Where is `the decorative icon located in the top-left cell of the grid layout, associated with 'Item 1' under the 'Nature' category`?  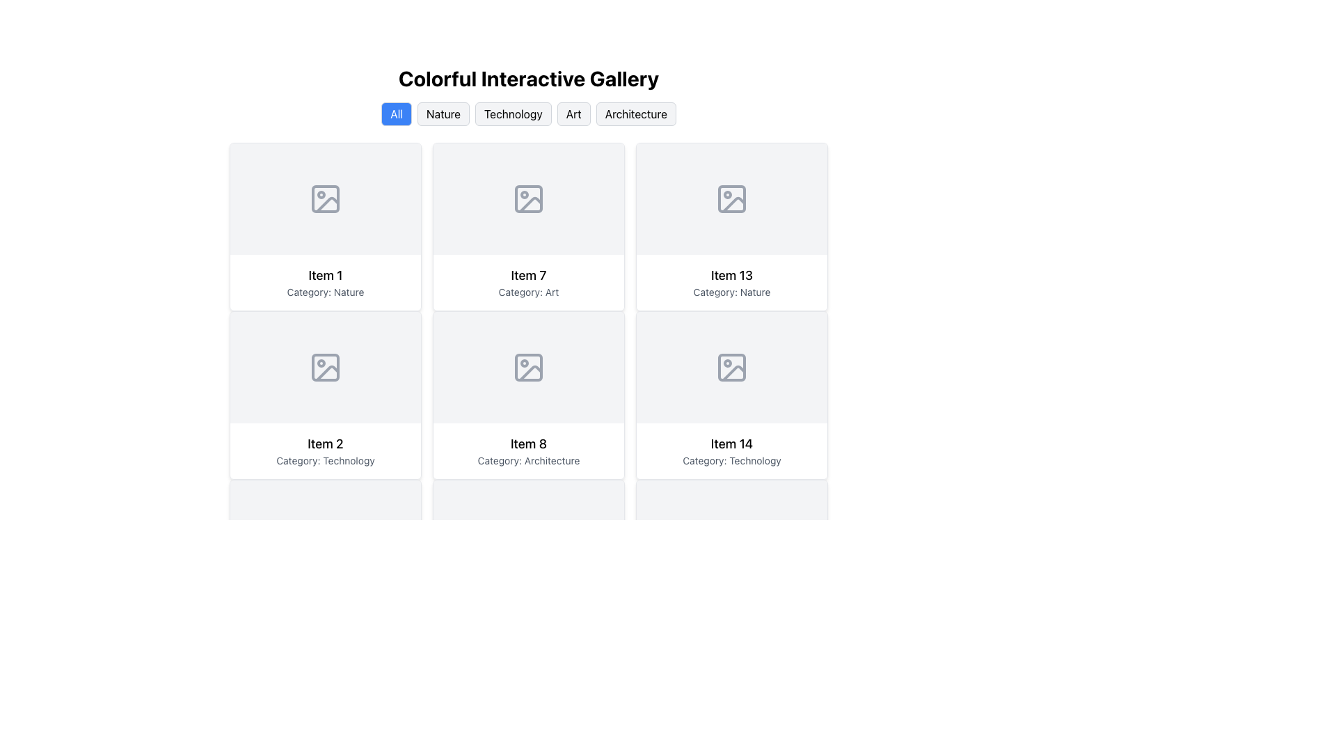
the decorative icon located in the top-left cell of the grid layout, associated with 'Item 1' under the 'Nature' category is located at coordinates (324, 198).